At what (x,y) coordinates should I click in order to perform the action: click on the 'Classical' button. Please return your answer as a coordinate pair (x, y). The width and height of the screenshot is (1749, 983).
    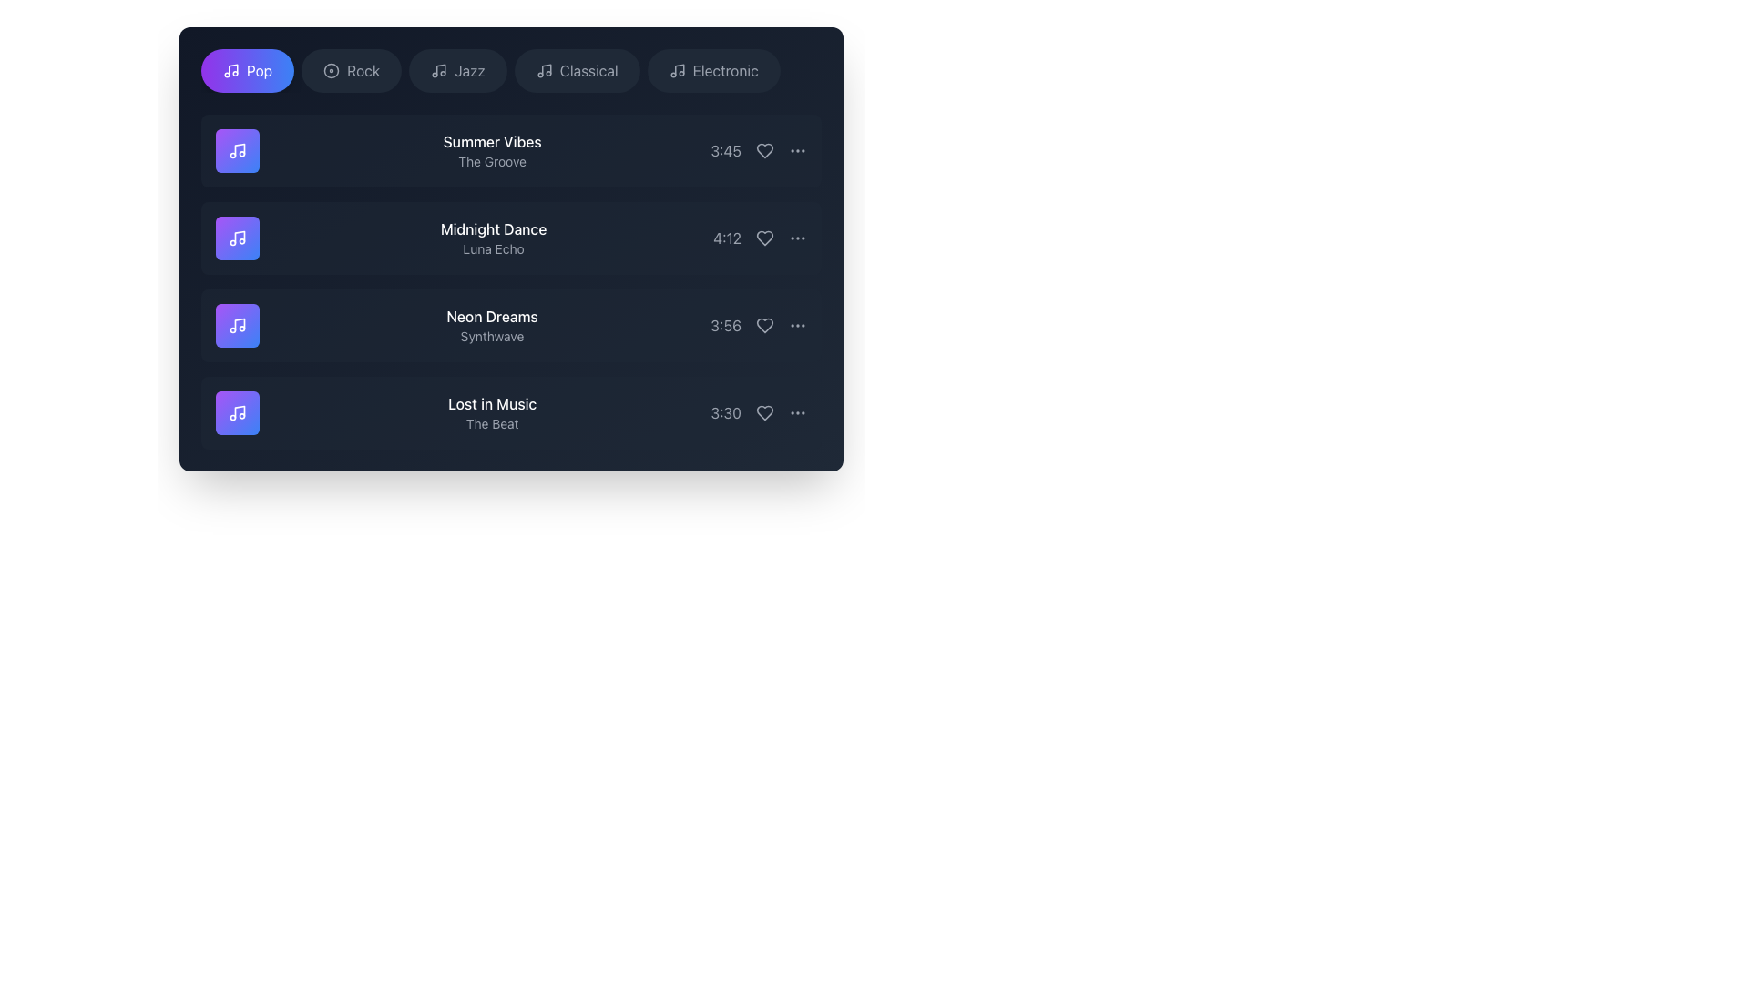
    Looking at the image, I should click on (543, 69).